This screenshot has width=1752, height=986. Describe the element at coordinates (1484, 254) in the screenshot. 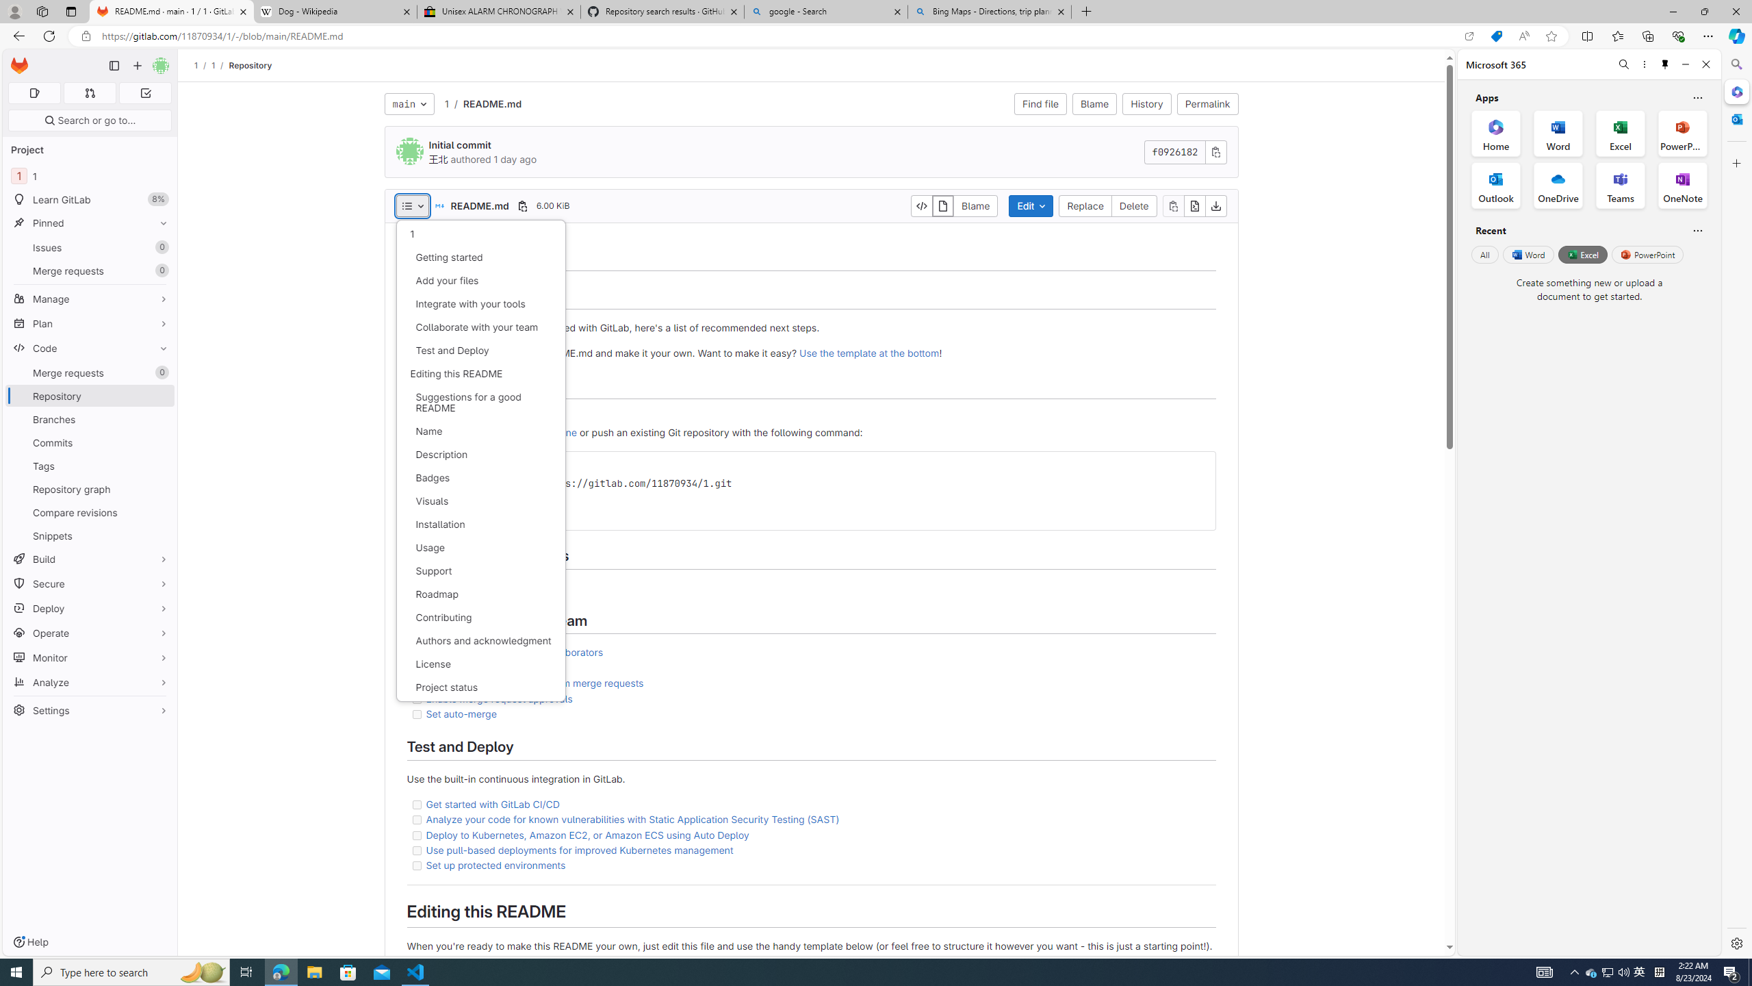

I see `'All'` at that location.